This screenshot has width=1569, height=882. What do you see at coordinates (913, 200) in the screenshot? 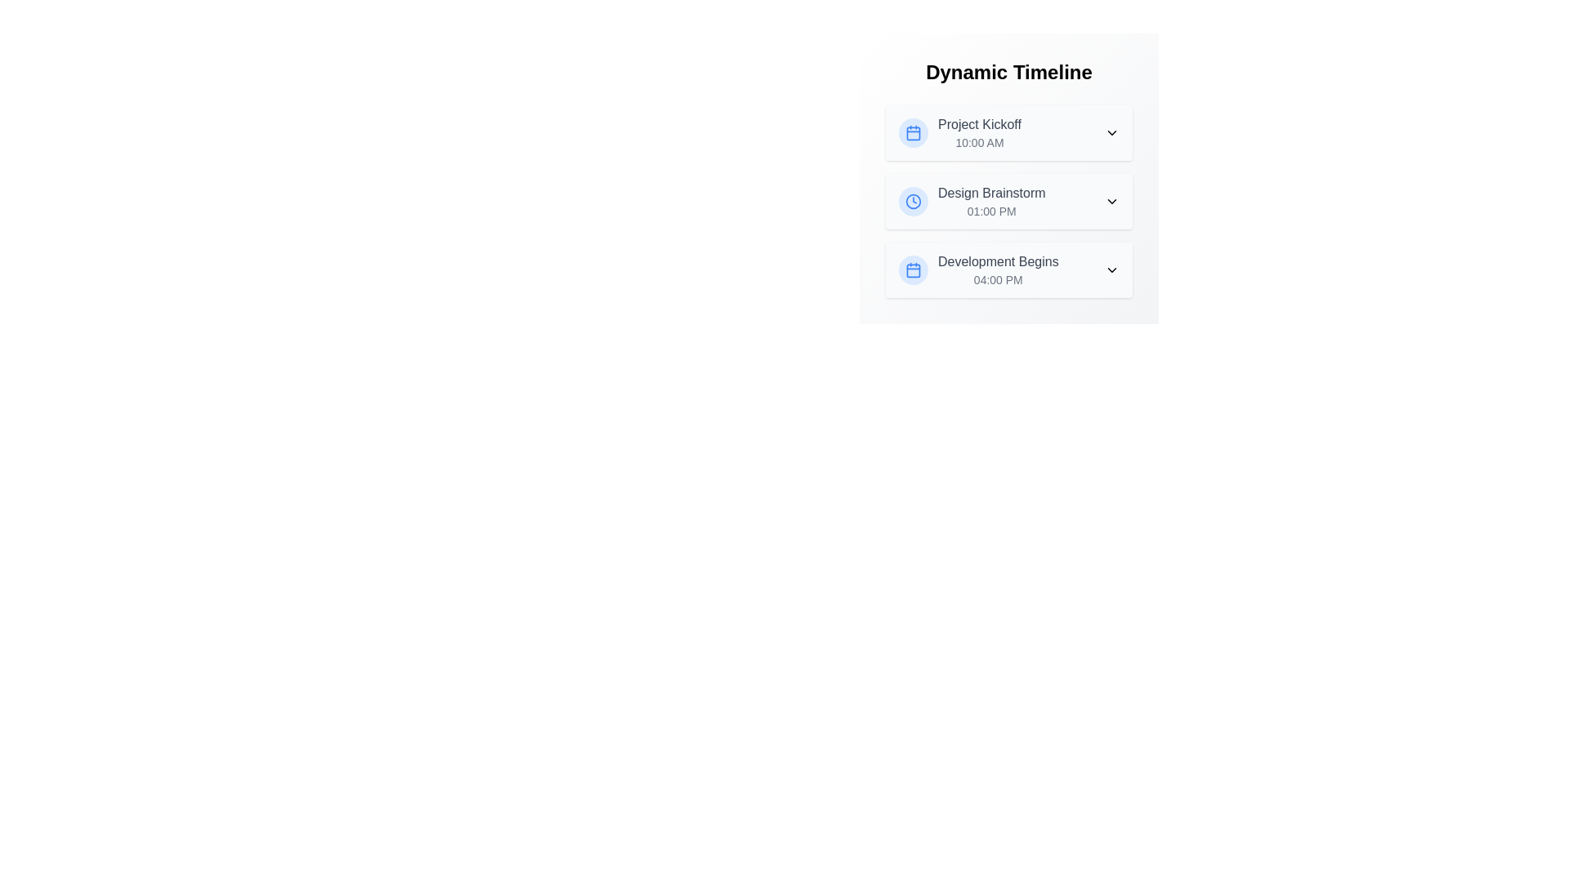
I see `the clock icon located in the second row of the 'Dynamic Timeline' component` at bounding box center [913, 200].